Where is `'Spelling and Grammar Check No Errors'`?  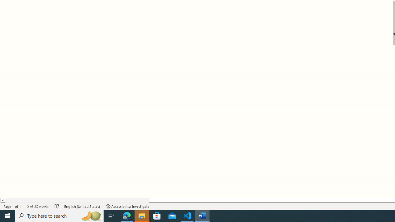 'Spelling and Grammar Check No Errors' is located at coordinates (57, 206).